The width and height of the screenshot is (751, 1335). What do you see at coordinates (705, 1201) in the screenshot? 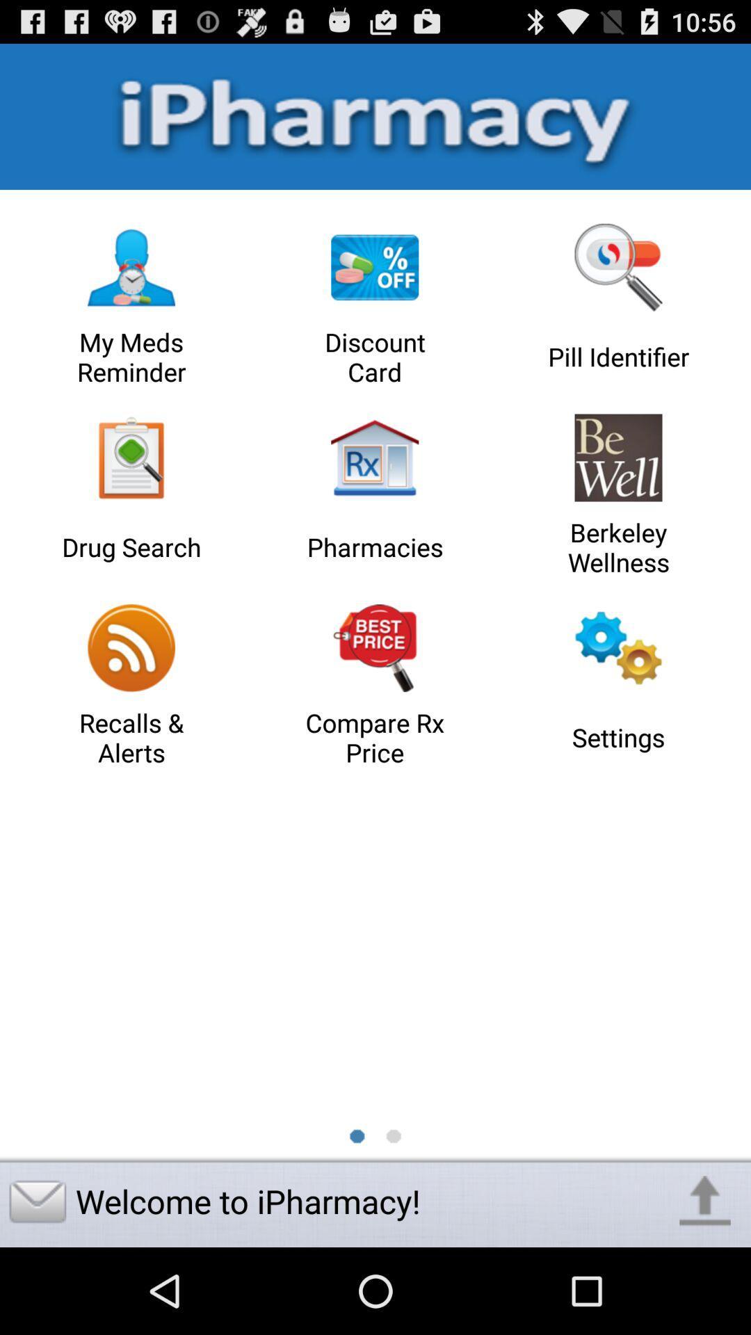
I see `download option` at bounding box center [705, 1201].